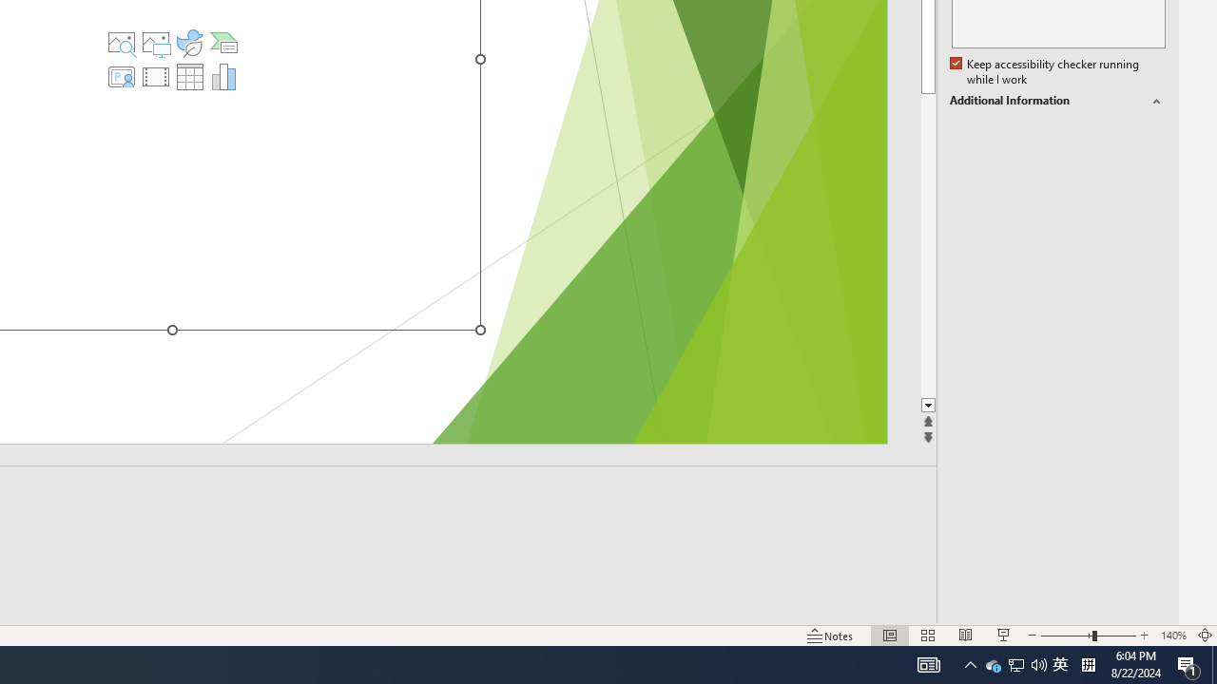  I want to click on 'Insert Chart', so click(224, 76).